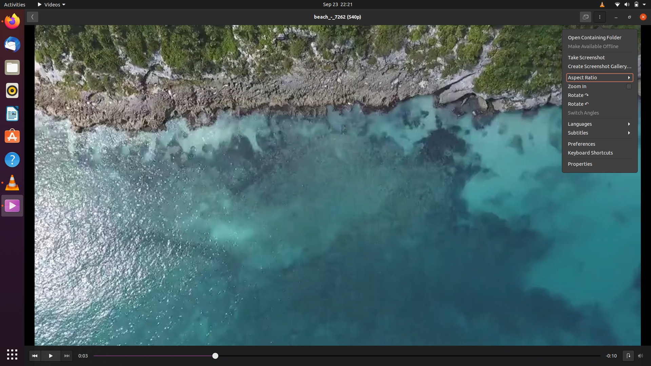 The height and width of the screenshot is (366, 651). I want to click on the second language in the subtitle options, so click(600, 133).